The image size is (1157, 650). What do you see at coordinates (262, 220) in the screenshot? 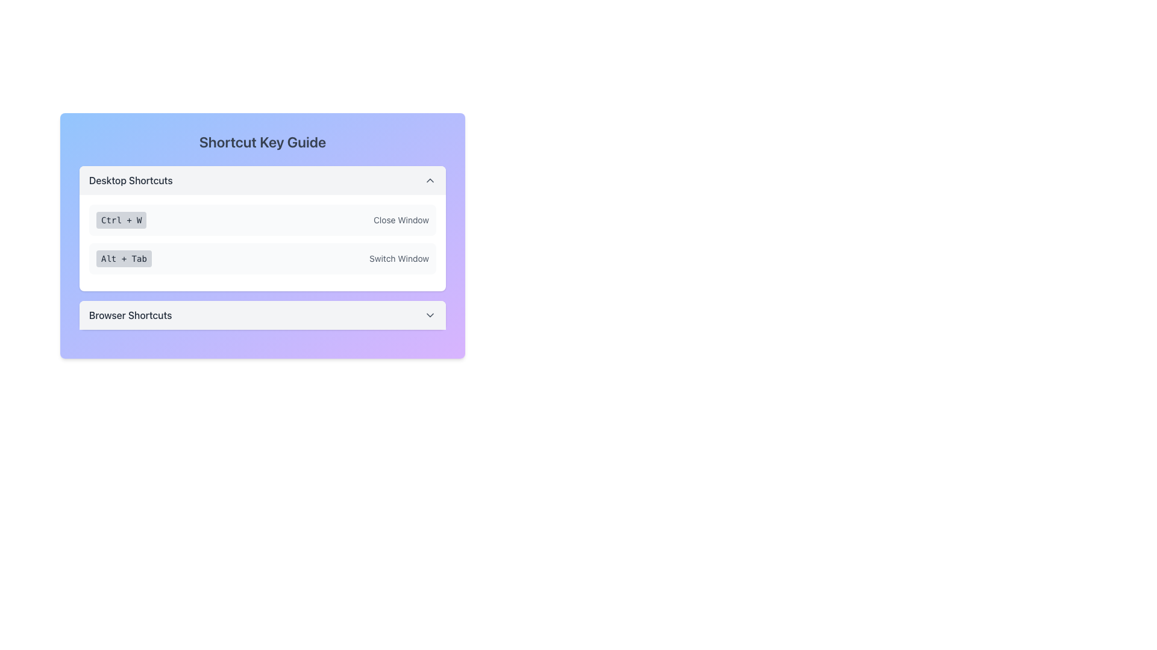
I see `the informative display item showing the keyboard shortcut 'Ctrl + W' and its description 'Close Window' located in the 'Desktop Shortcuts' section` at bounding box center [262, 220].